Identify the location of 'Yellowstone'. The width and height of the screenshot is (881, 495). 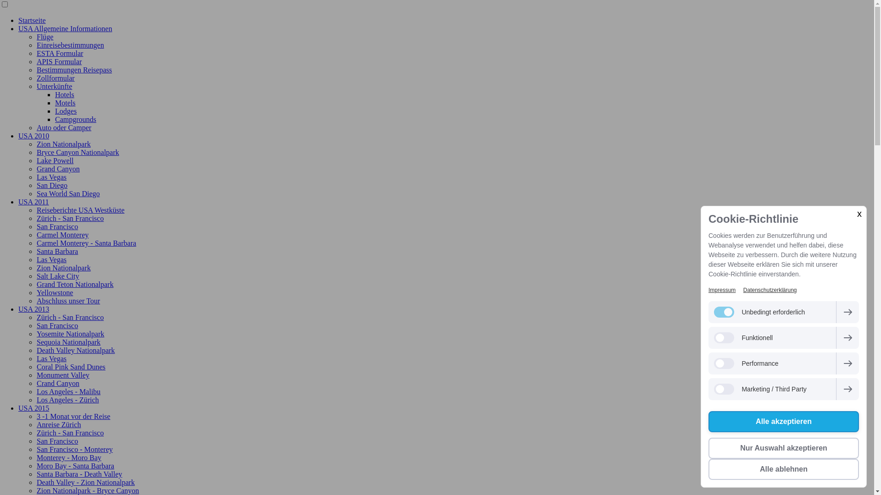
(54, 292).